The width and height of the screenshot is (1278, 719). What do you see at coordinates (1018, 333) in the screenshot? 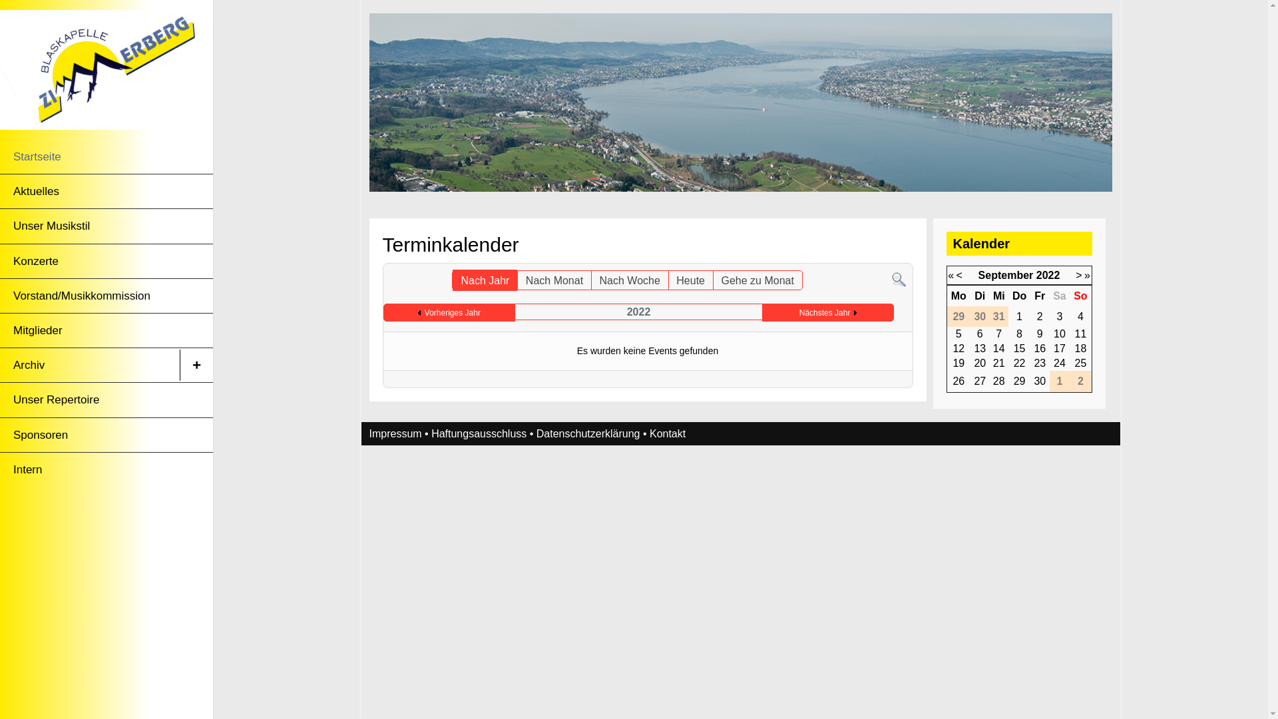
I see `'8'` at bounding box center [1018, 333].